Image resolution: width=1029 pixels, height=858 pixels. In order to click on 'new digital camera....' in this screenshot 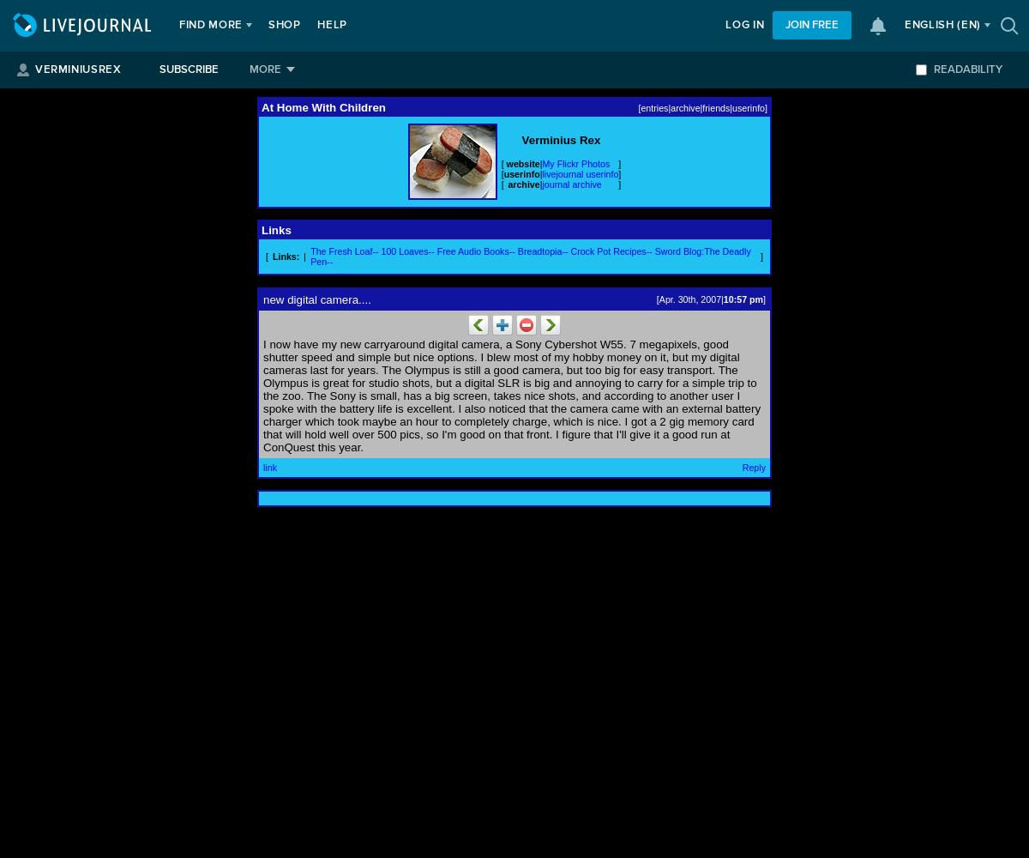, I will do `click(316, 298)`.